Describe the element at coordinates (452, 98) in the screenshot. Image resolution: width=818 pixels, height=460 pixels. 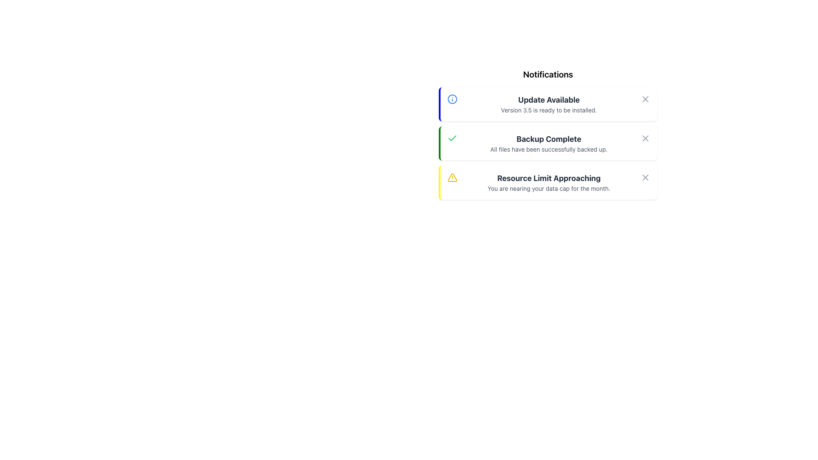
I see `the icon representing the notification in the uppermost 'Update Available' notification box, which is positioned to the left of the text content` at that location.